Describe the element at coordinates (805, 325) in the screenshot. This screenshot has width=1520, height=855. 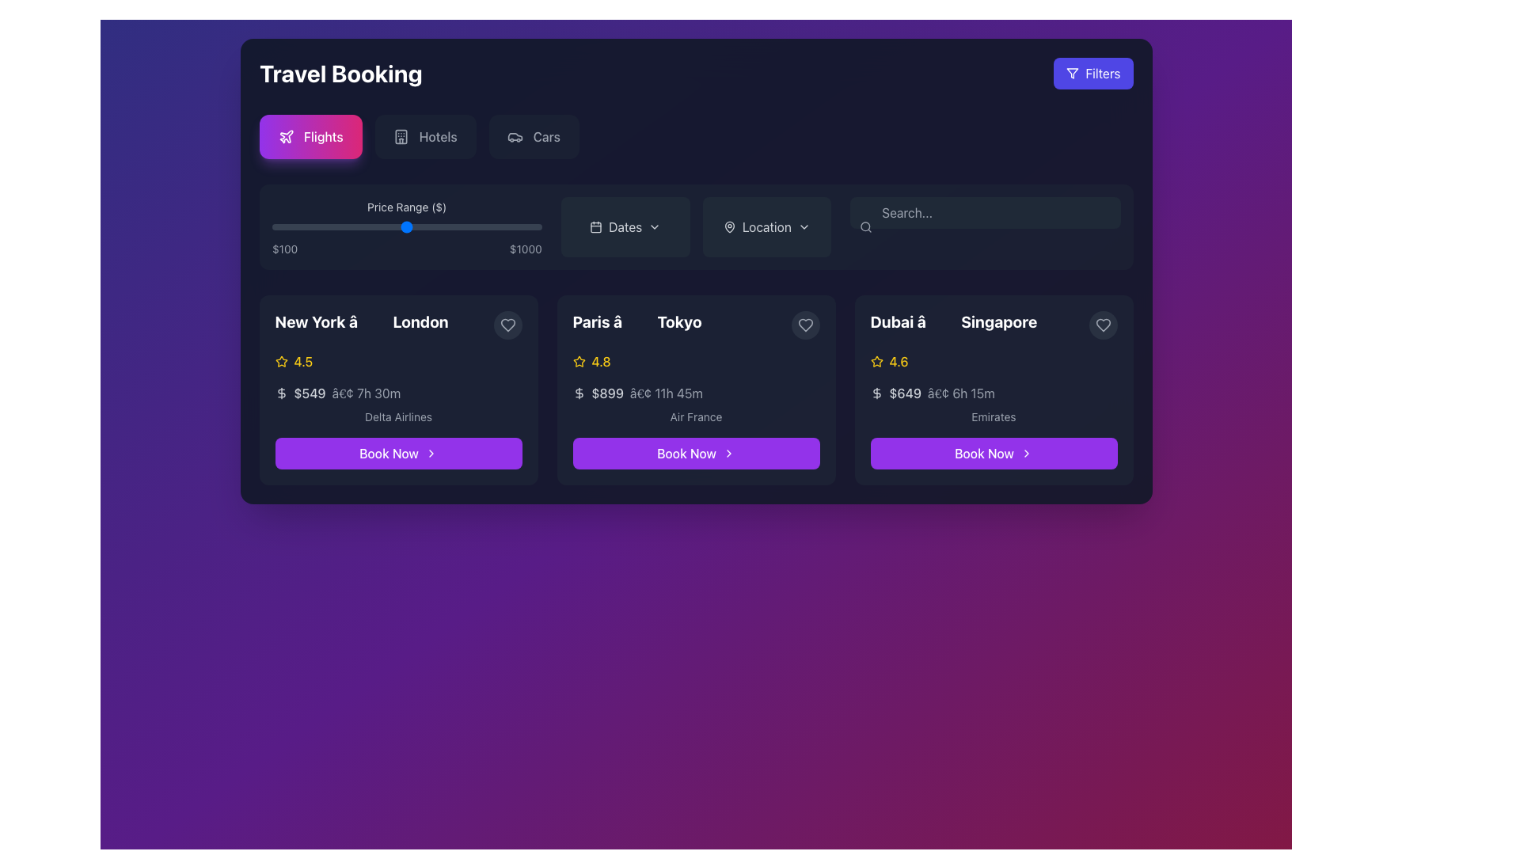
I see `the heart-shaped icon button with a dark gray background` at that location.